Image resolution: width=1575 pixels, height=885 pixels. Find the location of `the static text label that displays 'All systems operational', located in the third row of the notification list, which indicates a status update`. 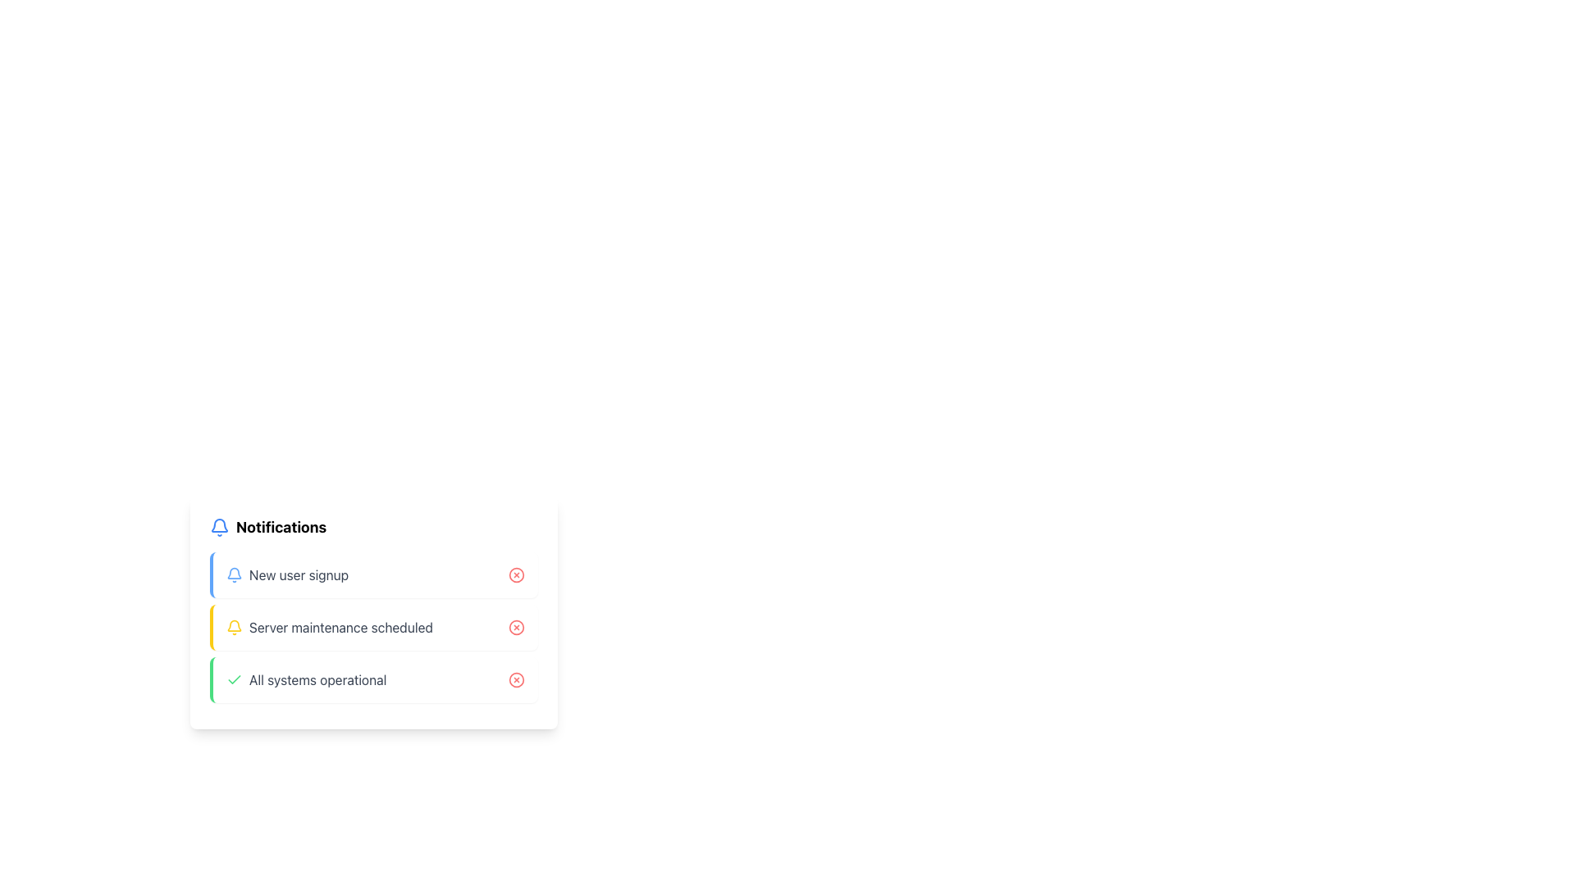

the static text label that displays 'All systems operational', located in the third row of the notification list, which indicates a status update is located at coordinates (317, 679).